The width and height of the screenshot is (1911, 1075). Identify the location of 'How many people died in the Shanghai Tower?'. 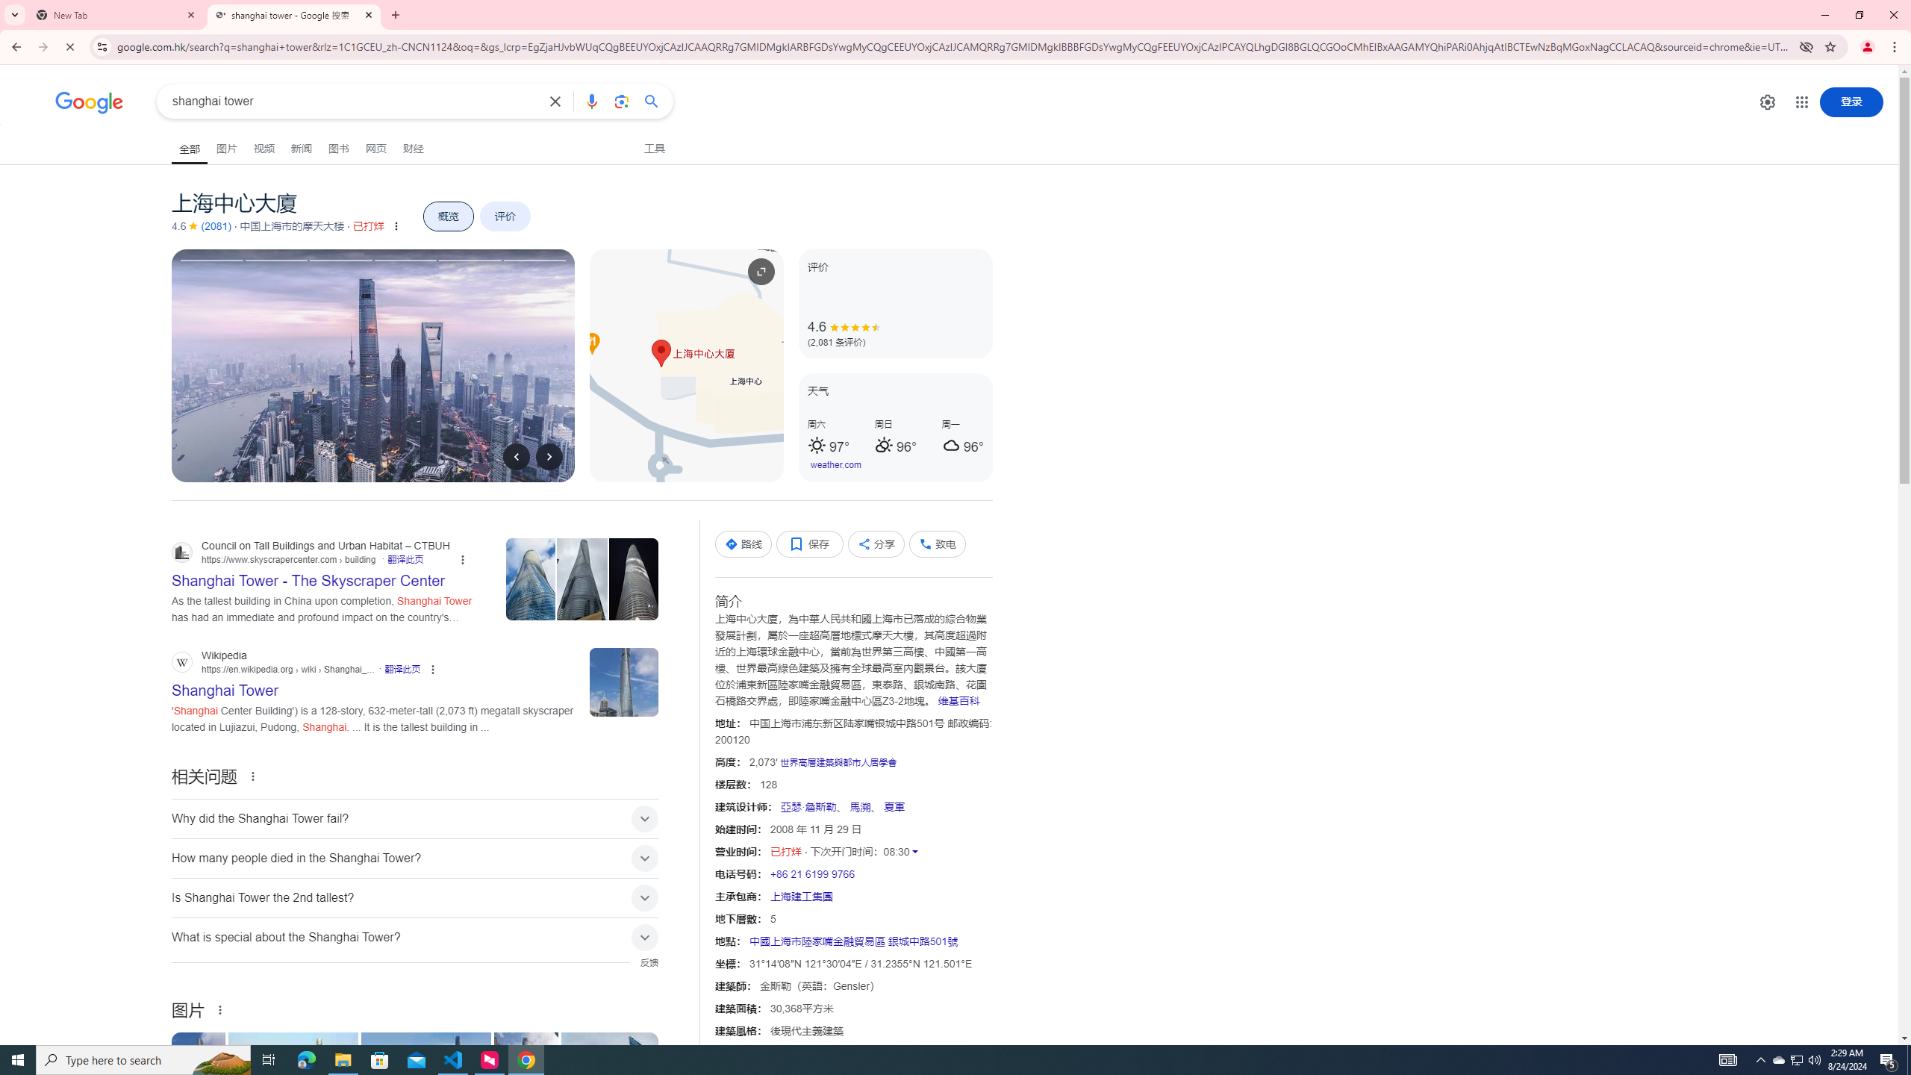
(414, 857).